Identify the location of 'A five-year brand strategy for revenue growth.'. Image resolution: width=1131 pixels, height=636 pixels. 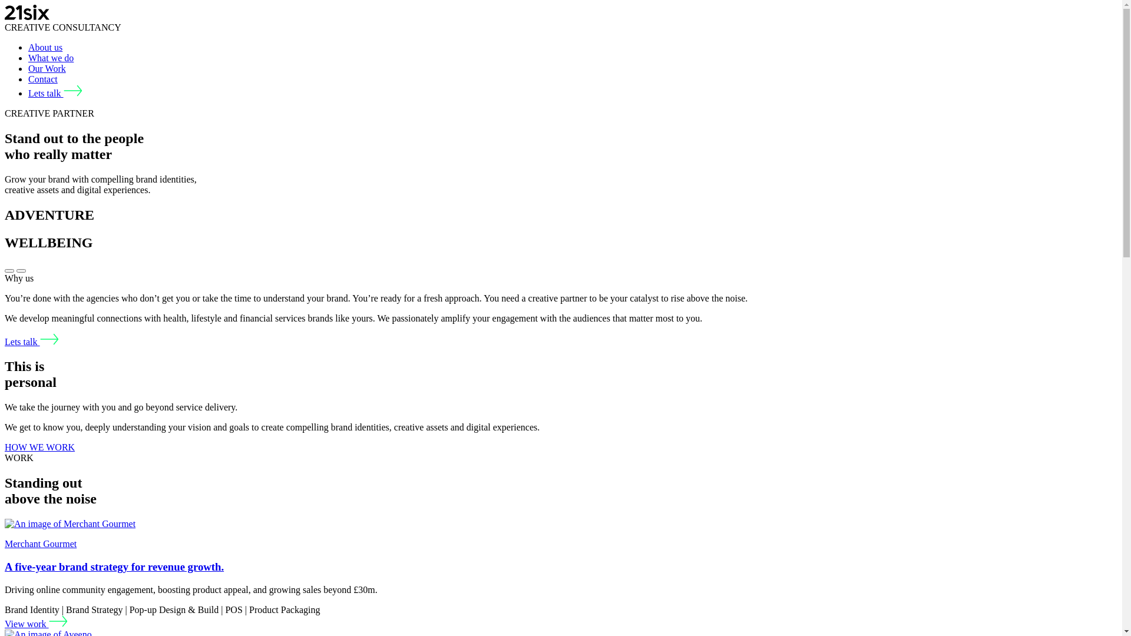
(114, 566).